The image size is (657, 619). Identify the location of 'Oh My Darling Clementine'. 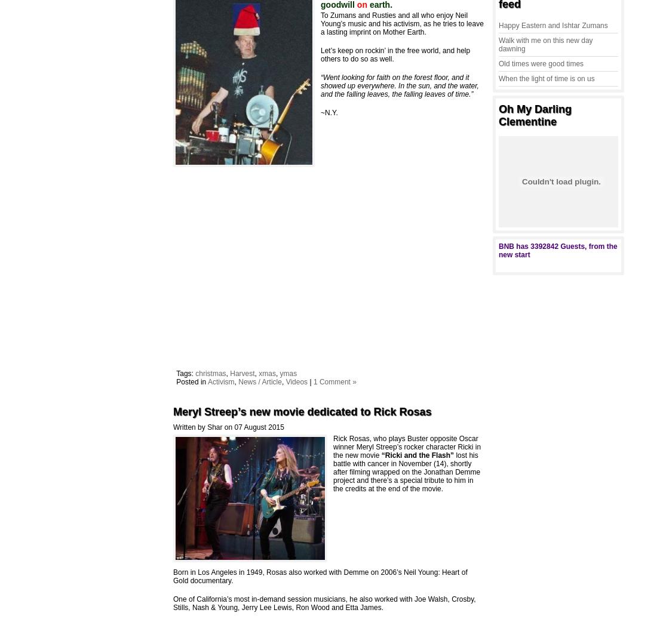
(498, 115).